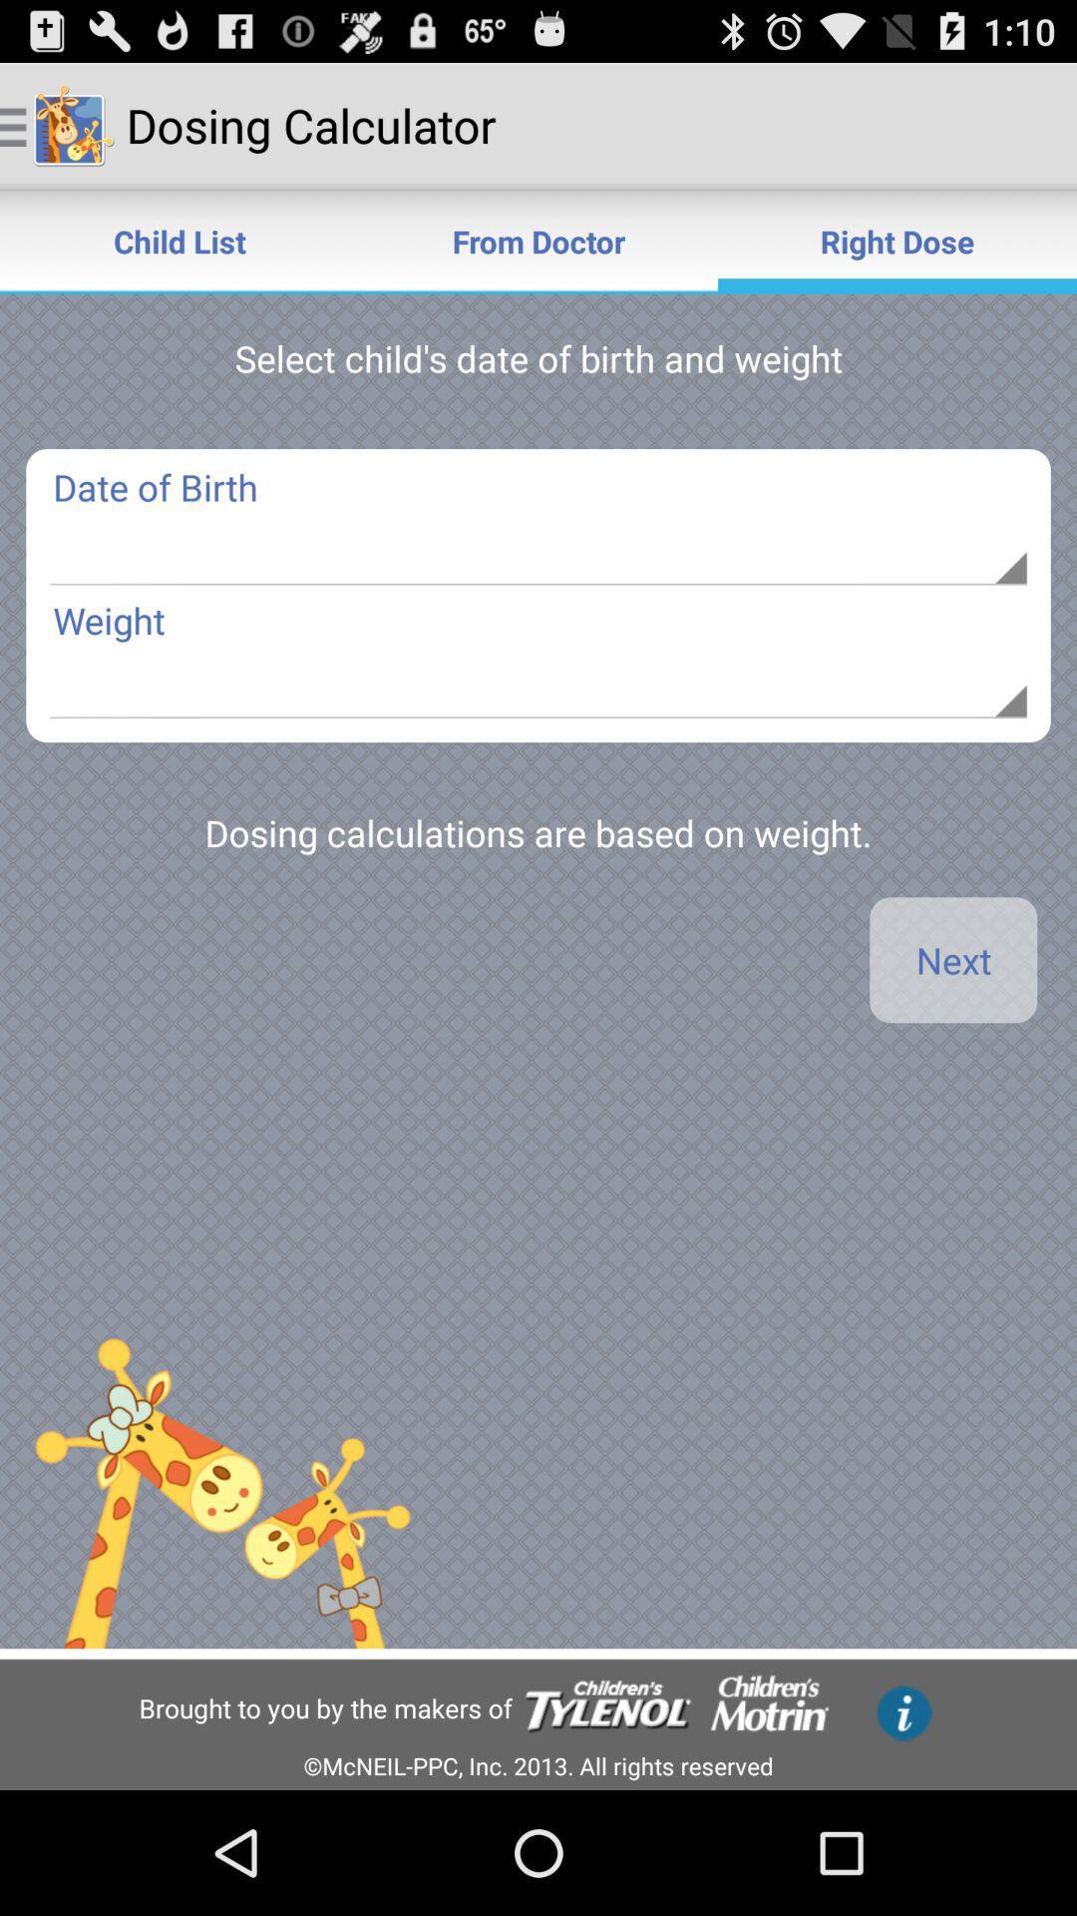  Describe the element at coordinates (538, 239) in the screenshot. I see `the from doctor icon` at that location.